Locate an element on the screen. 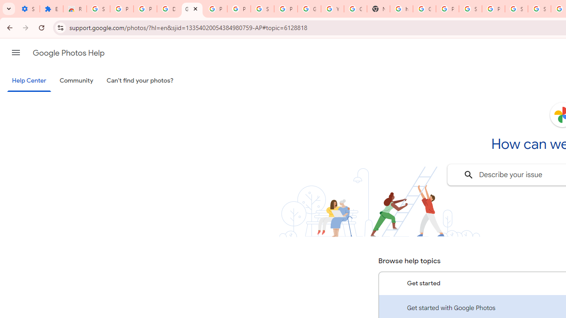 The height and width of the screenshot is (318, 566). 'Search' is located at coordinates (468, 175).